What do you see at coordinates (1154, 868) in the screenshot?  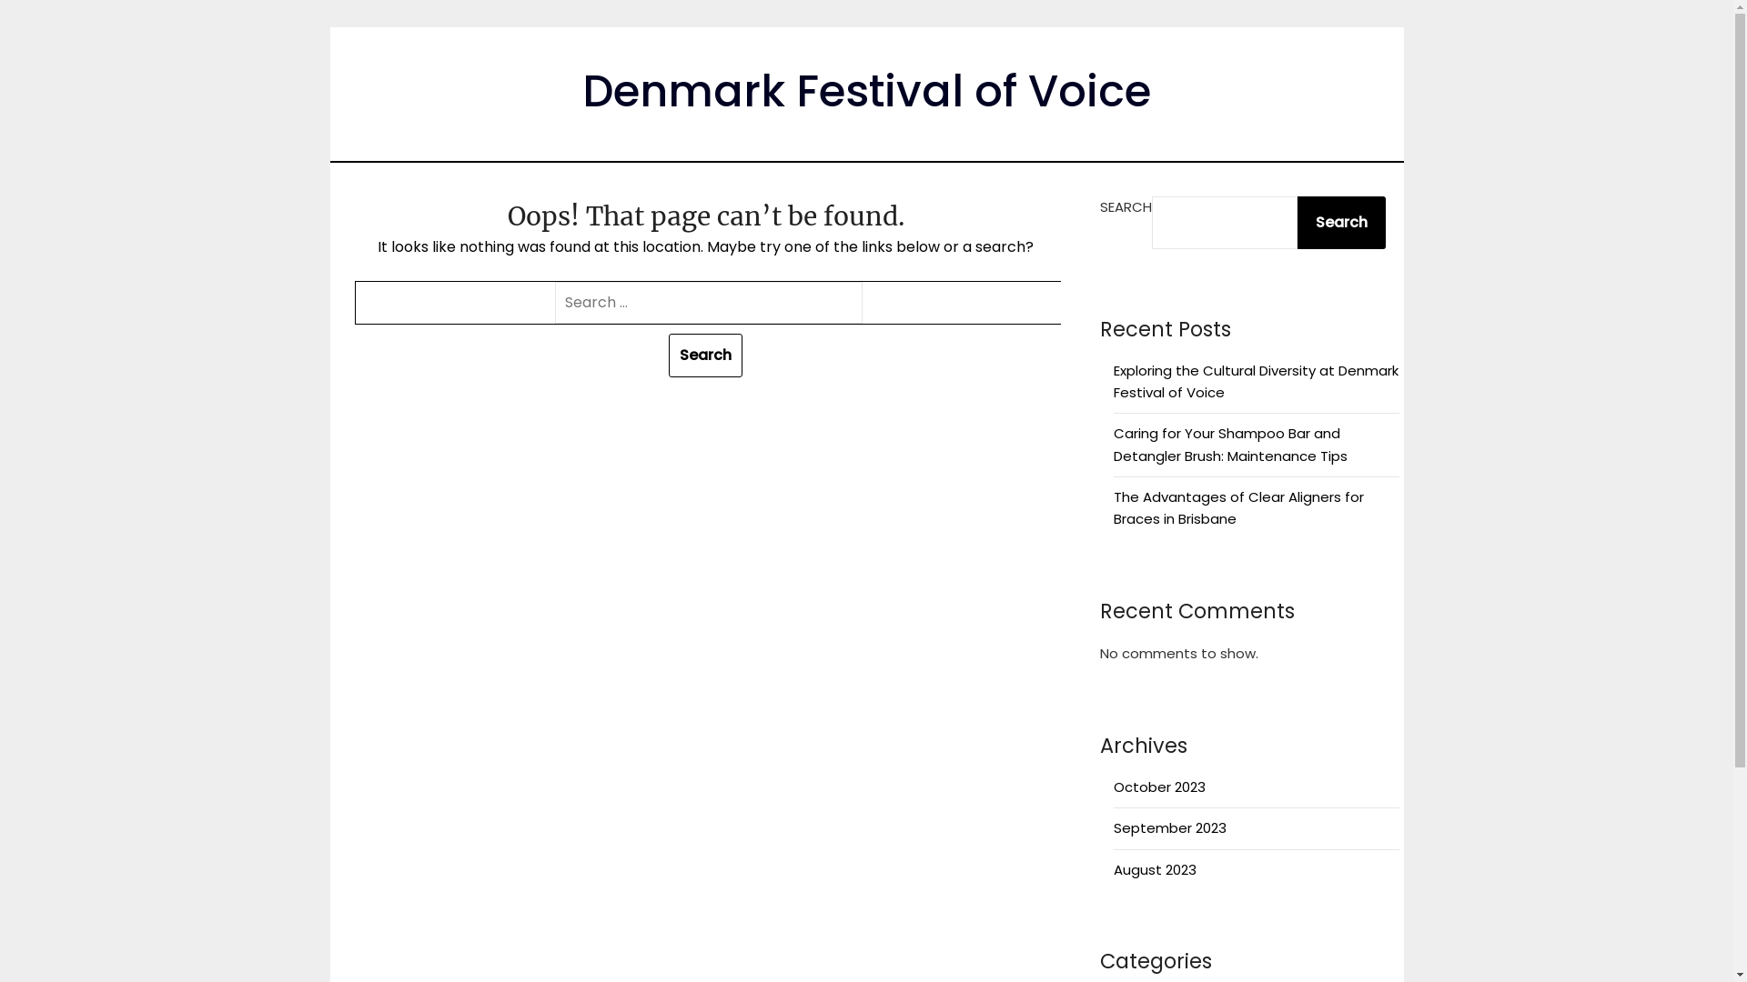 I see `'August 2023'` at bounding box center [1154, 868].